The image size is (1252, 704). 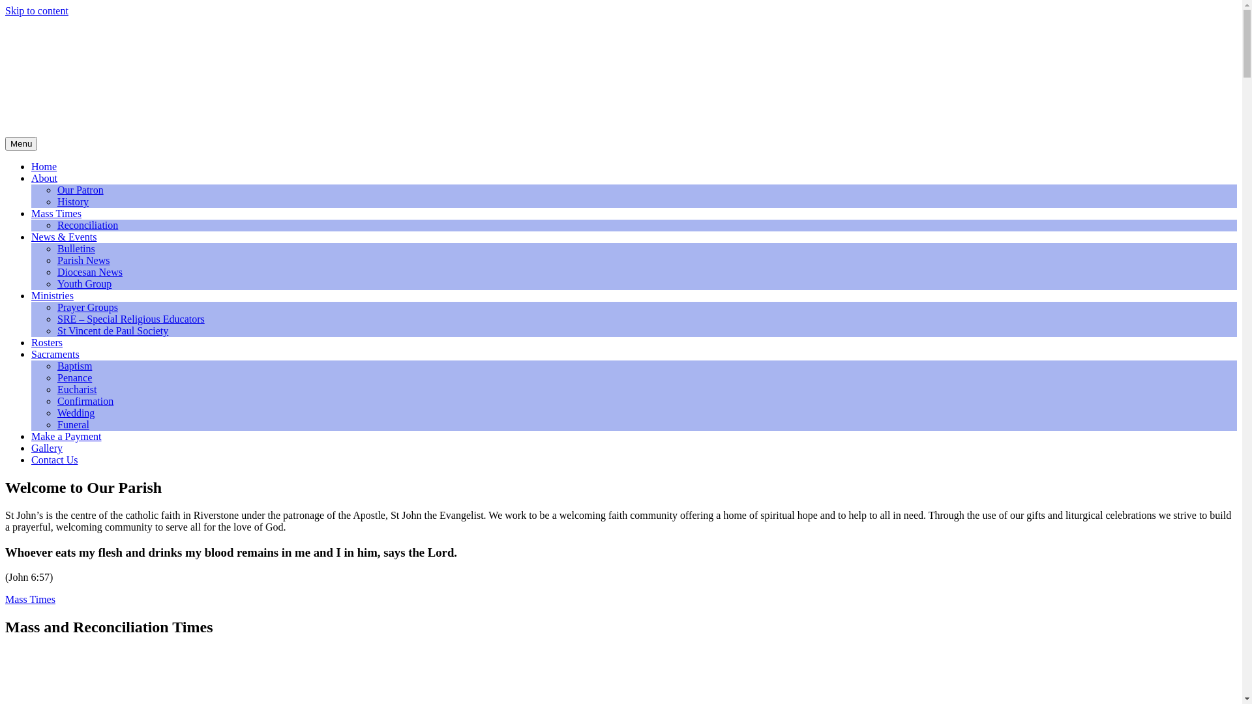 What do you see at coordinates (5, 599) in the screenshot?
I see `'Mass Times'` at bounding box center [5, 599].